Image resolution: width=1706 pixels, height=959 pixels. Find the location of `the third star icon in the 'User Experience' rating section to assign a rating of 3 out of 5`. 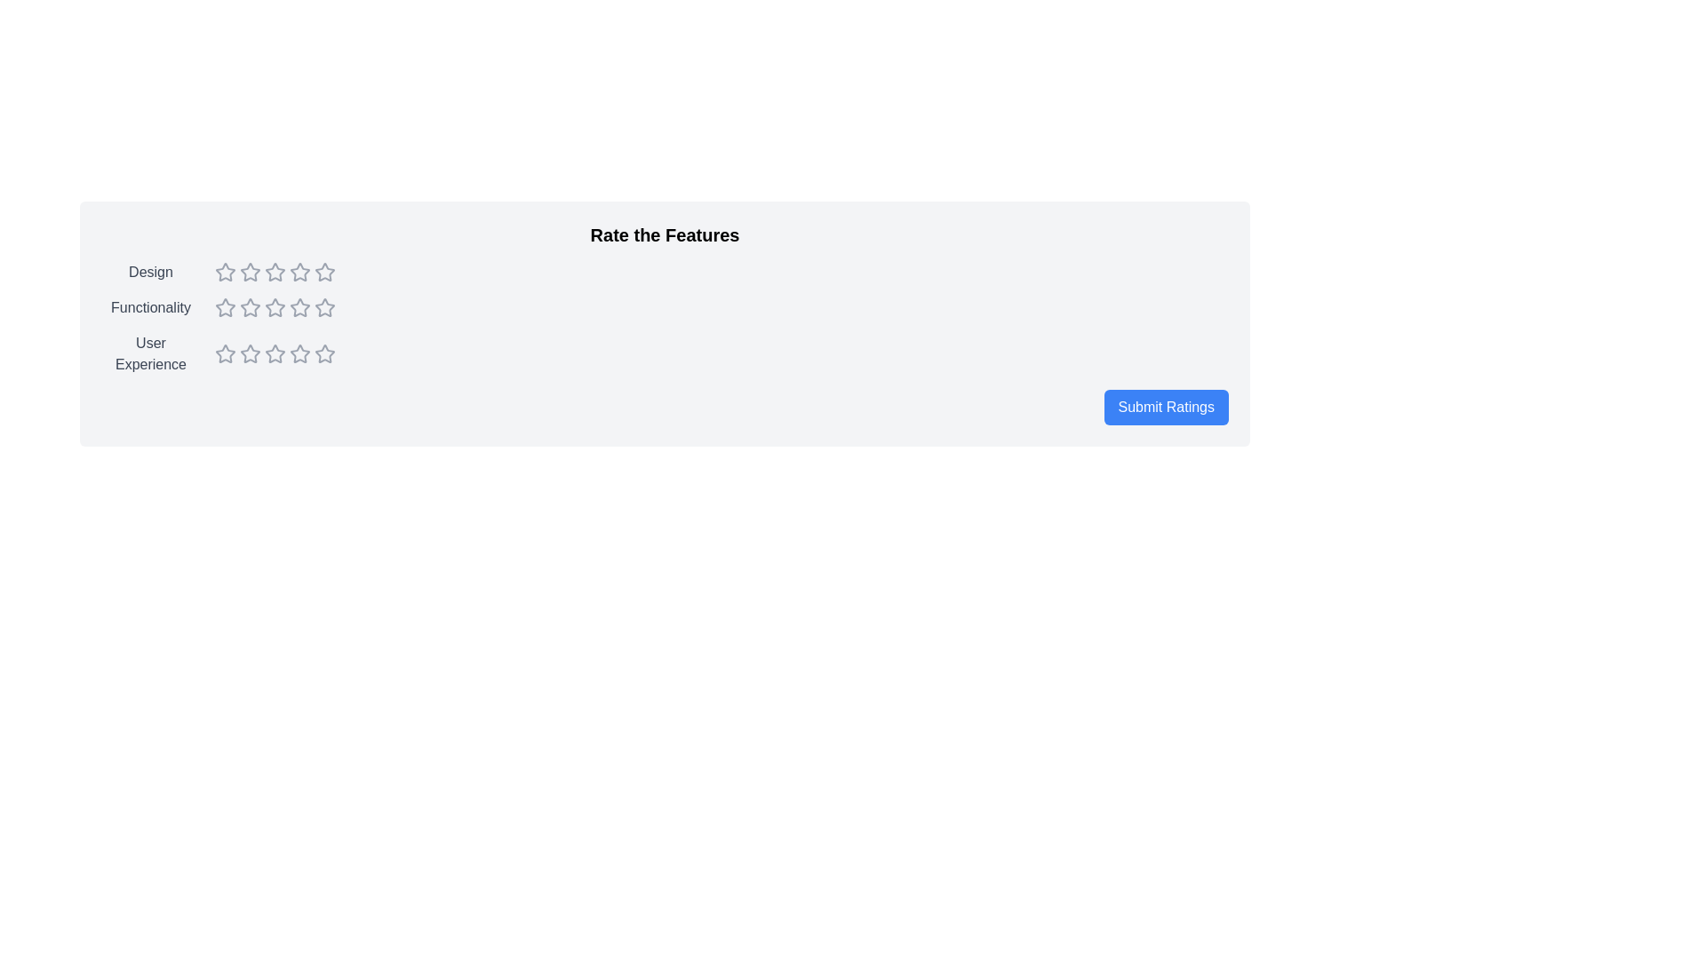

the third star icon in the 'User Experience' rating section to assign a rating of 3 out of 5 is located at coordinates (275, 353).